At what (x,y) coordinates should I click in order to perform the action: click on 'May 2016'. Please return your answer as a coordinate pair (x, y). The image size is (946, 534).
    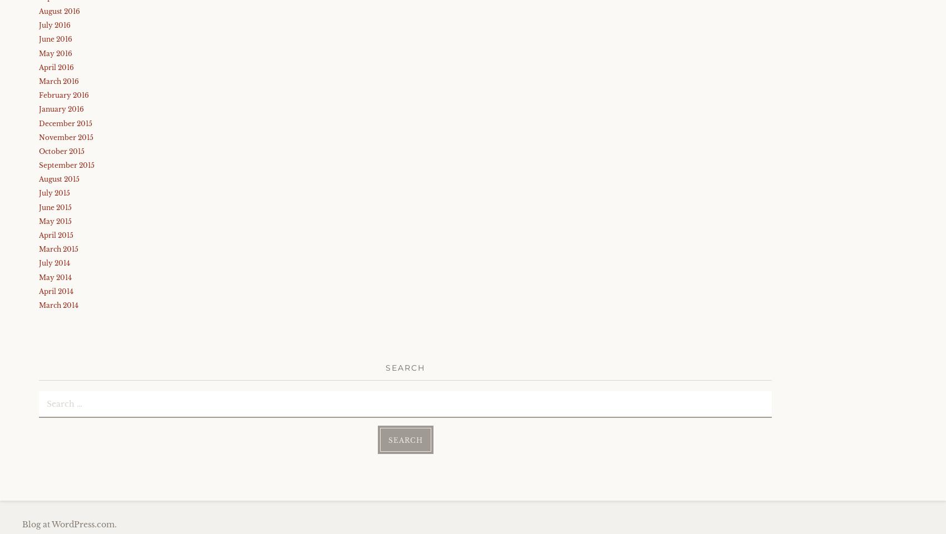
    Looking at the image, I should click on (55, 53).